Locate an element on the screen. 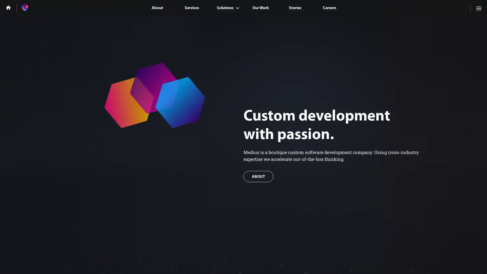 Image resolution: width=487 pixels, height=274 pixels. ACCEPT COOKIES is located at coordinates (416, 263).